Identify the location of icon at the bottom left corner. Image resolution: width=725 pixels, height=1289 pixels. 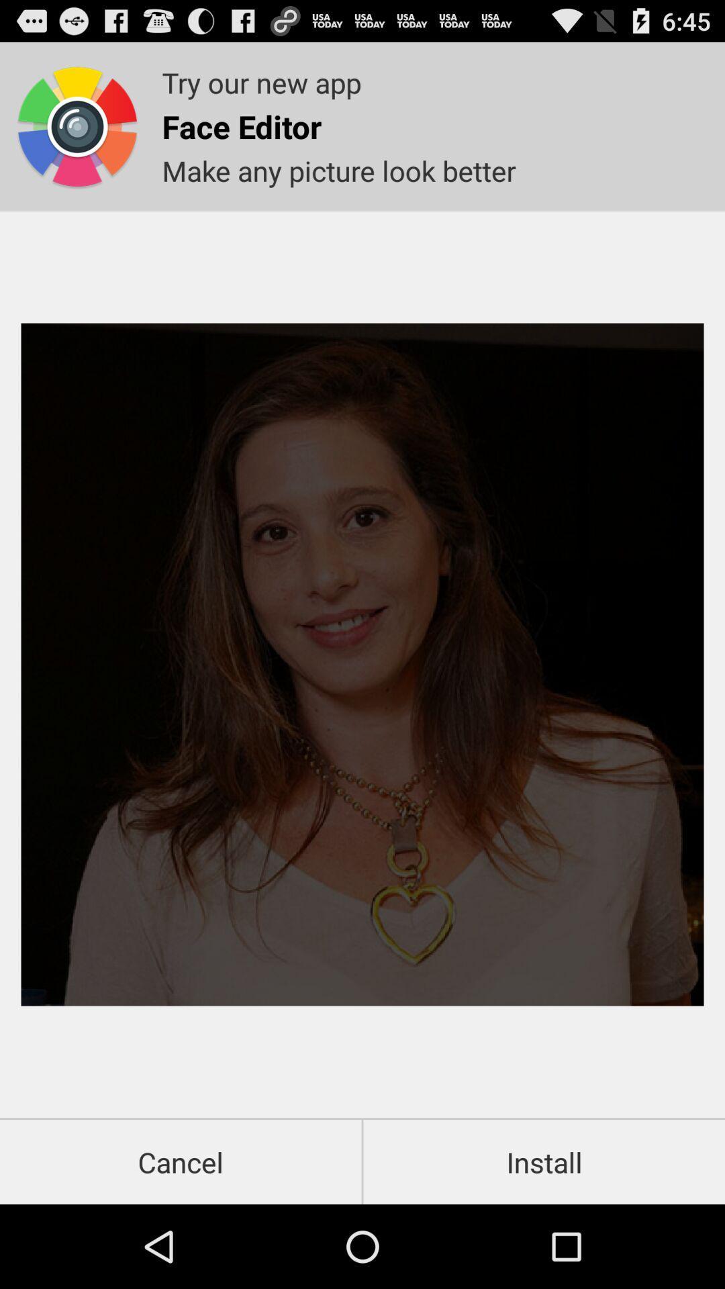
(180, 1161).